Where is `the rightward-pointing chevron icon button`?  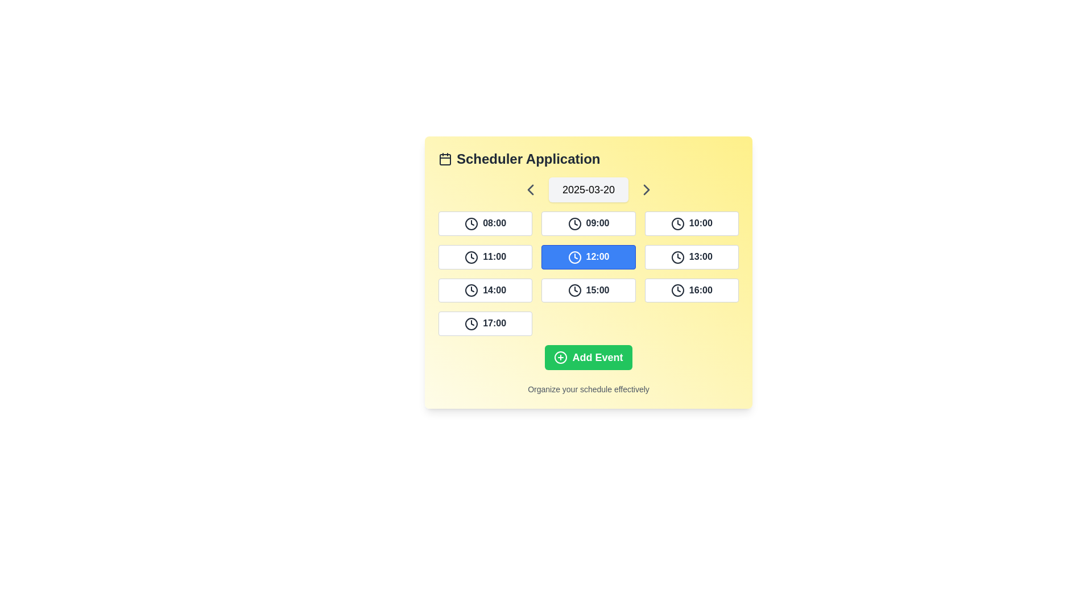
the rightward-pointing chevron icon button is located at coordinates (647, 189).